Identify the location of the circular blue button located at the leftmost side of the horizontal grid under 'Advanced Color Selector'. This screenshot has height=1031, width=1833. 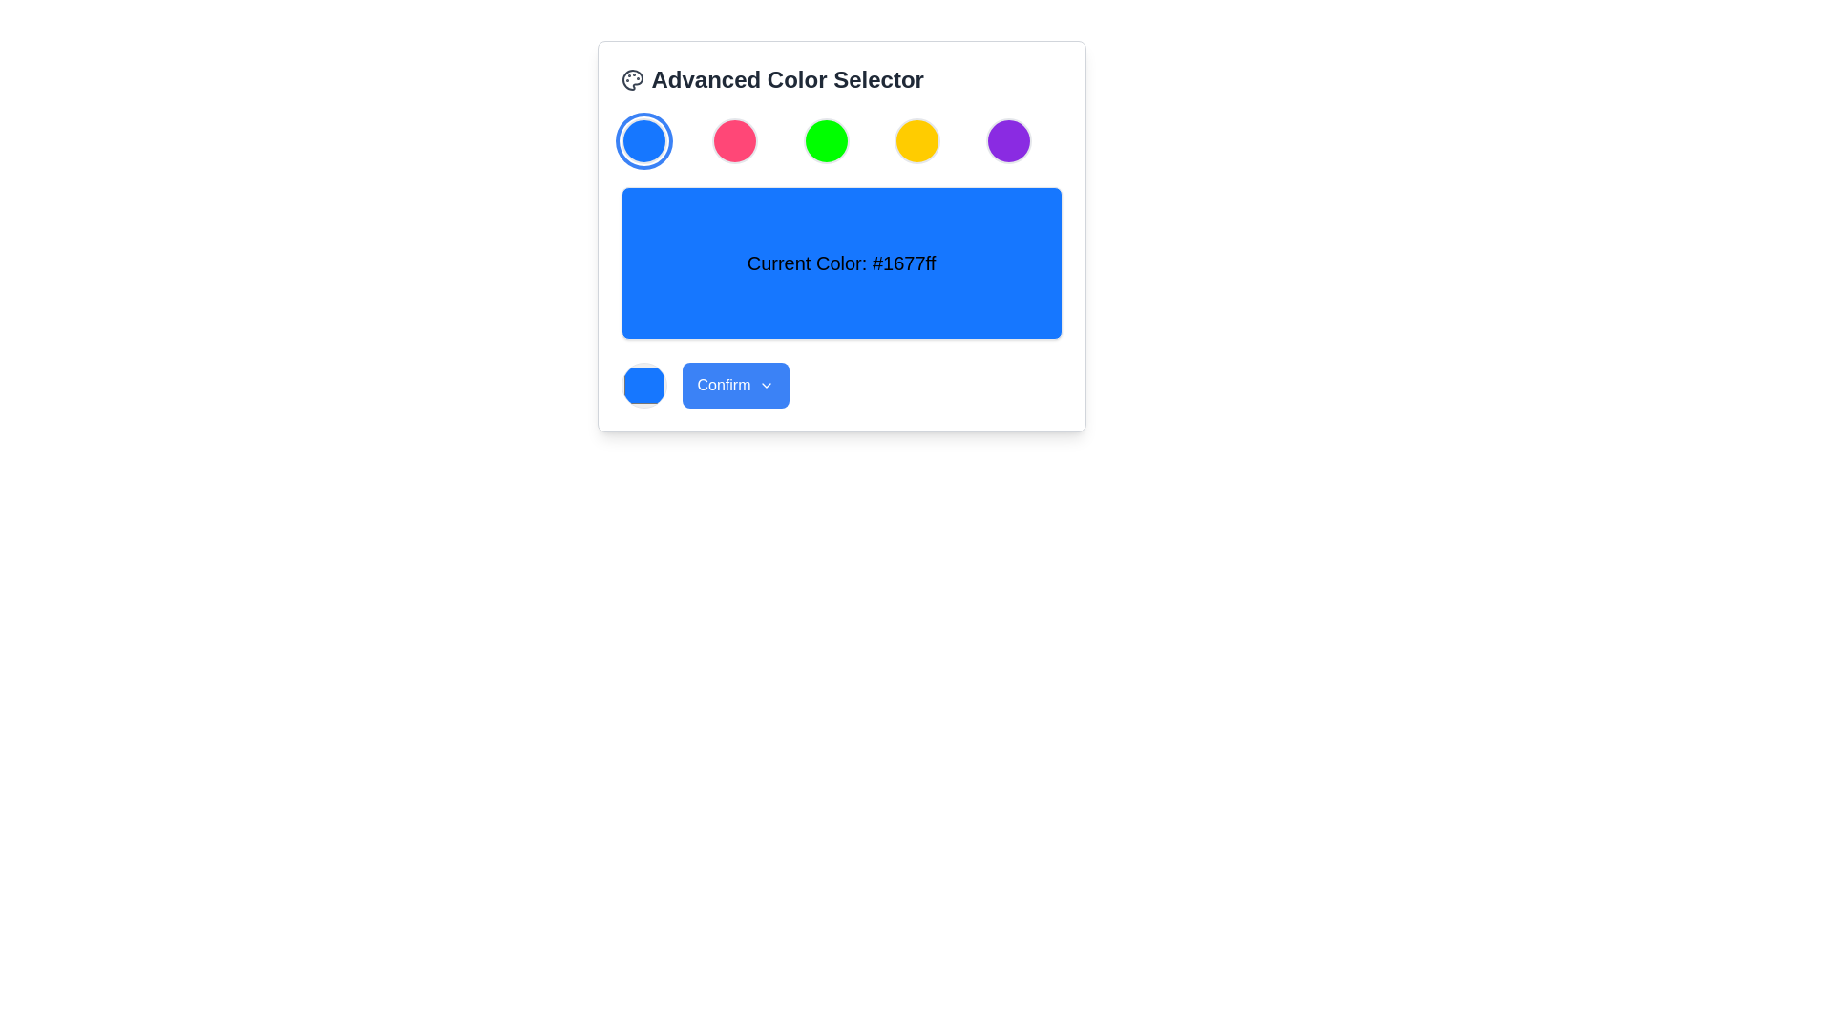
(643, 139).